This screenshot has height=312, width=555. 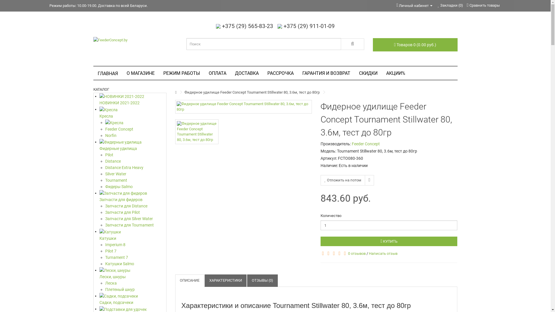 What do you see at coordinates (365, 143) in the screenshot?
I see `'Feeder Concept'` at bounding box center [365, 143].